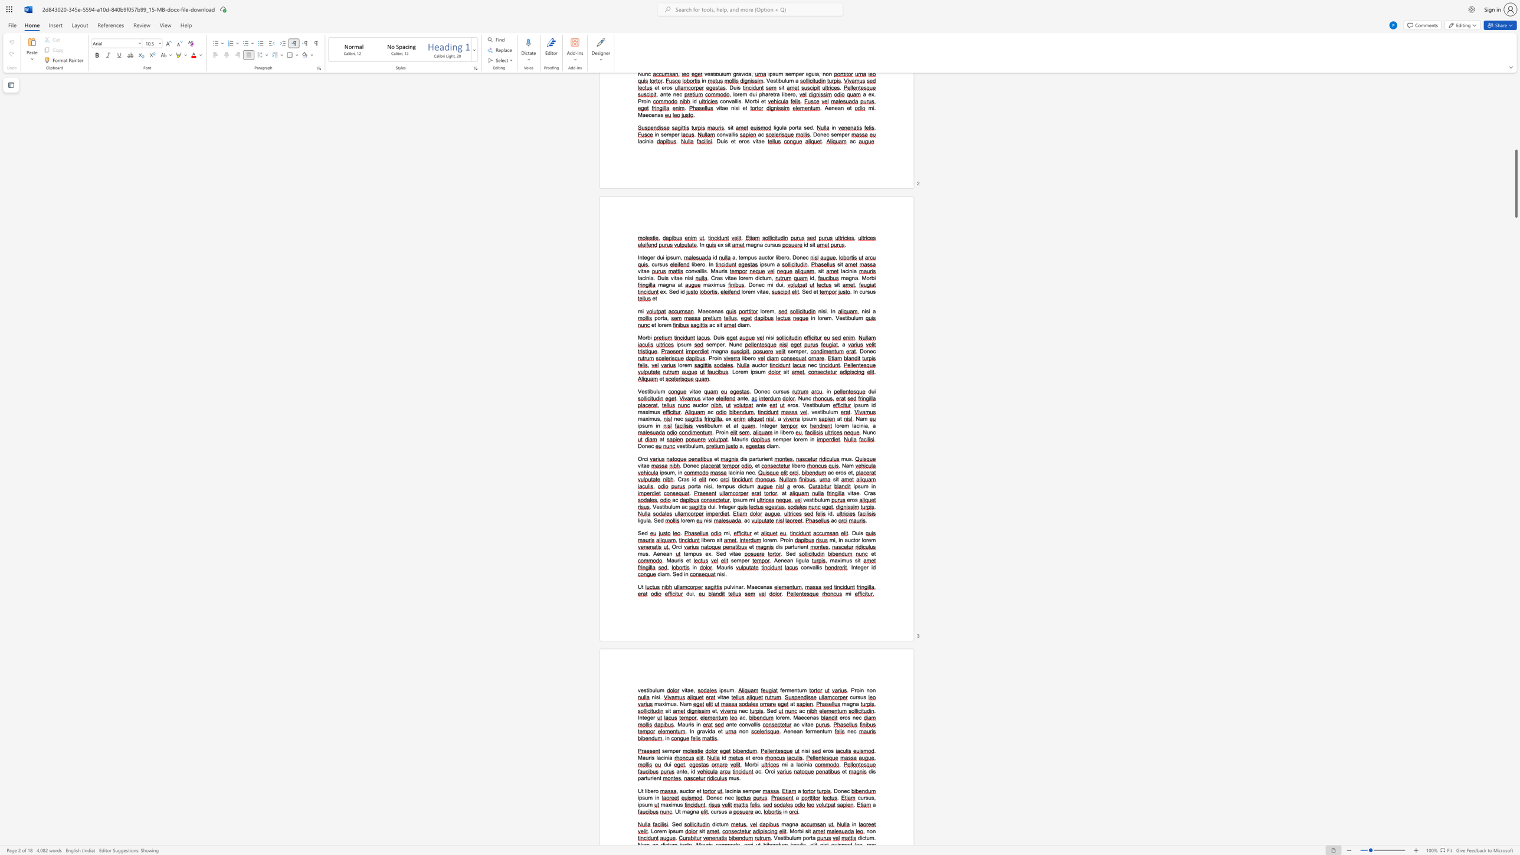 Image resolution: width=1520 pixels, height=855 pixels. I want to click on the space between the continuous character "t" and "e" in the text, so click(725, 506).